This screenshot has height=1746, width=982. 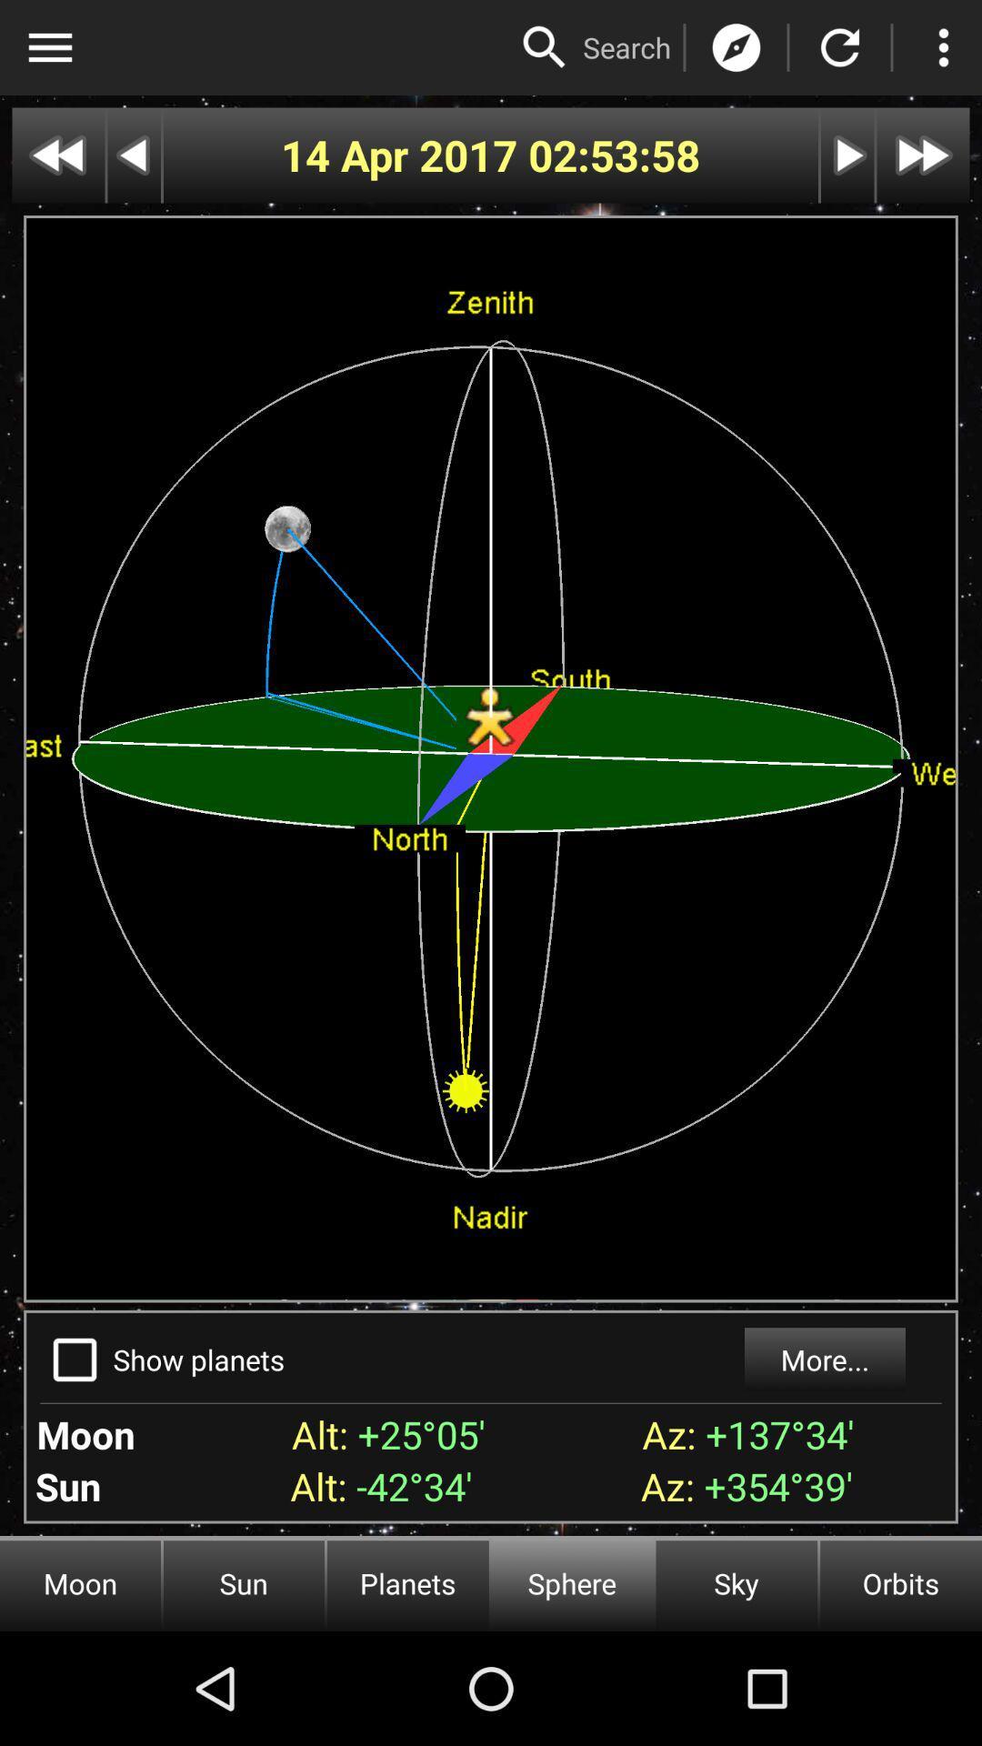 What do you see at coordinates (923, 156) in the screenshot?
I see `page forward` at bounding box center [923, 156].